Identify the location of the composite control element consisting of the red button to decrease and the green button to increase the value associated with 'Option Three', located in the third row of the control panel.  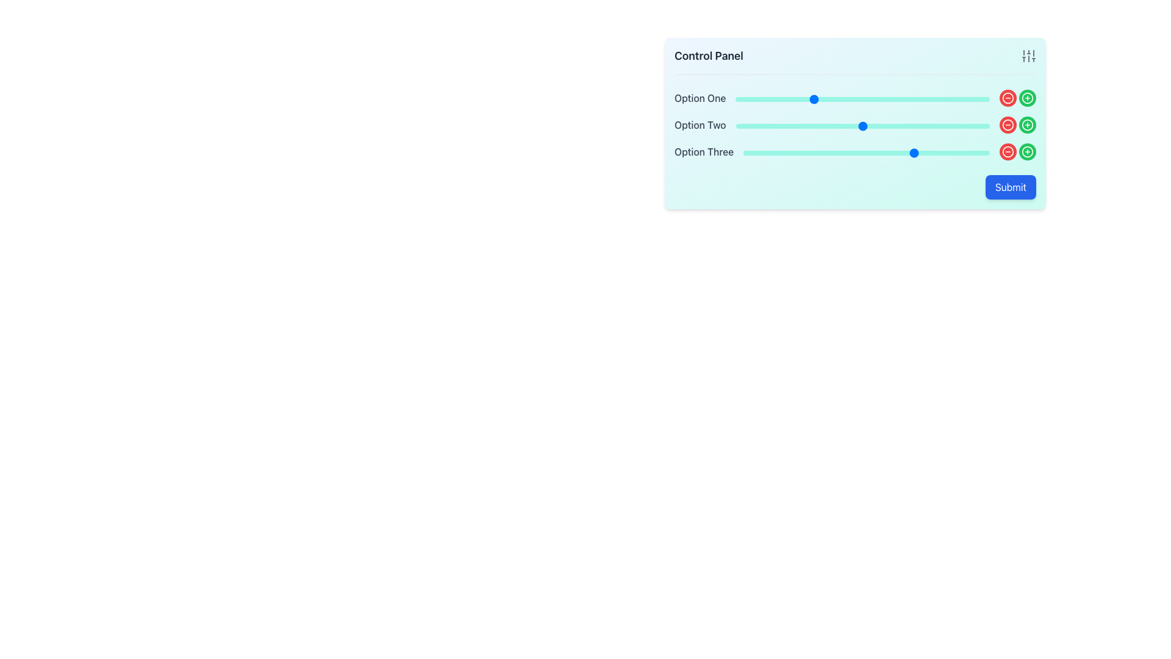
(1018, 151).